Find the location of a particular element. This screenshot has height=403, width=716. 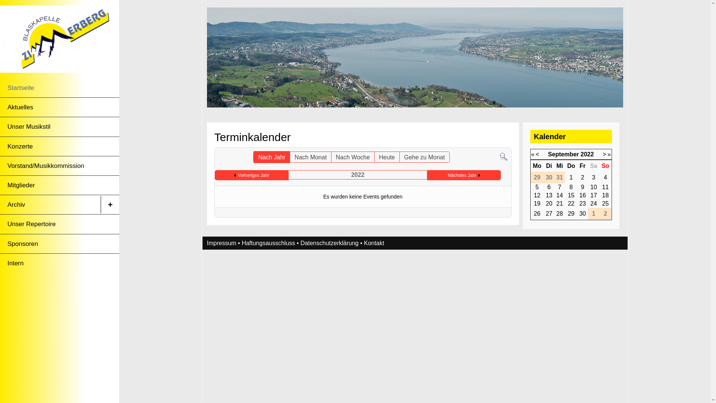

'3' is located at coordinates (591, 177).